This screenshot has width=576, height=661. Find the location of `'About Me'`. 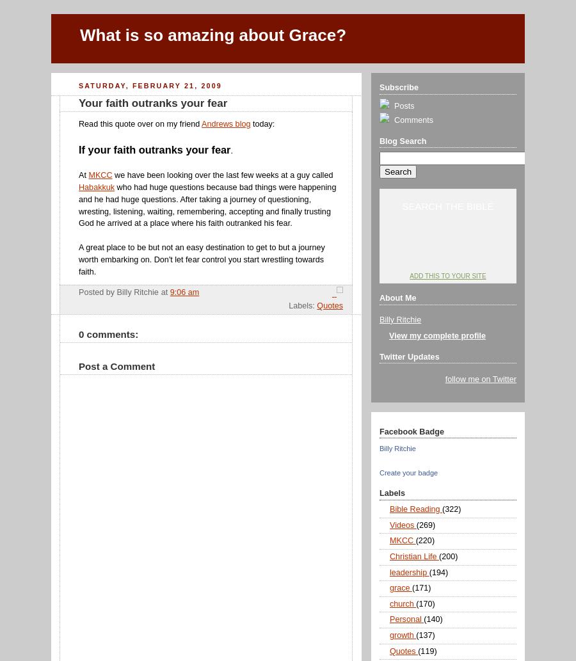

'About Me' is located at coordinates (380, 297).